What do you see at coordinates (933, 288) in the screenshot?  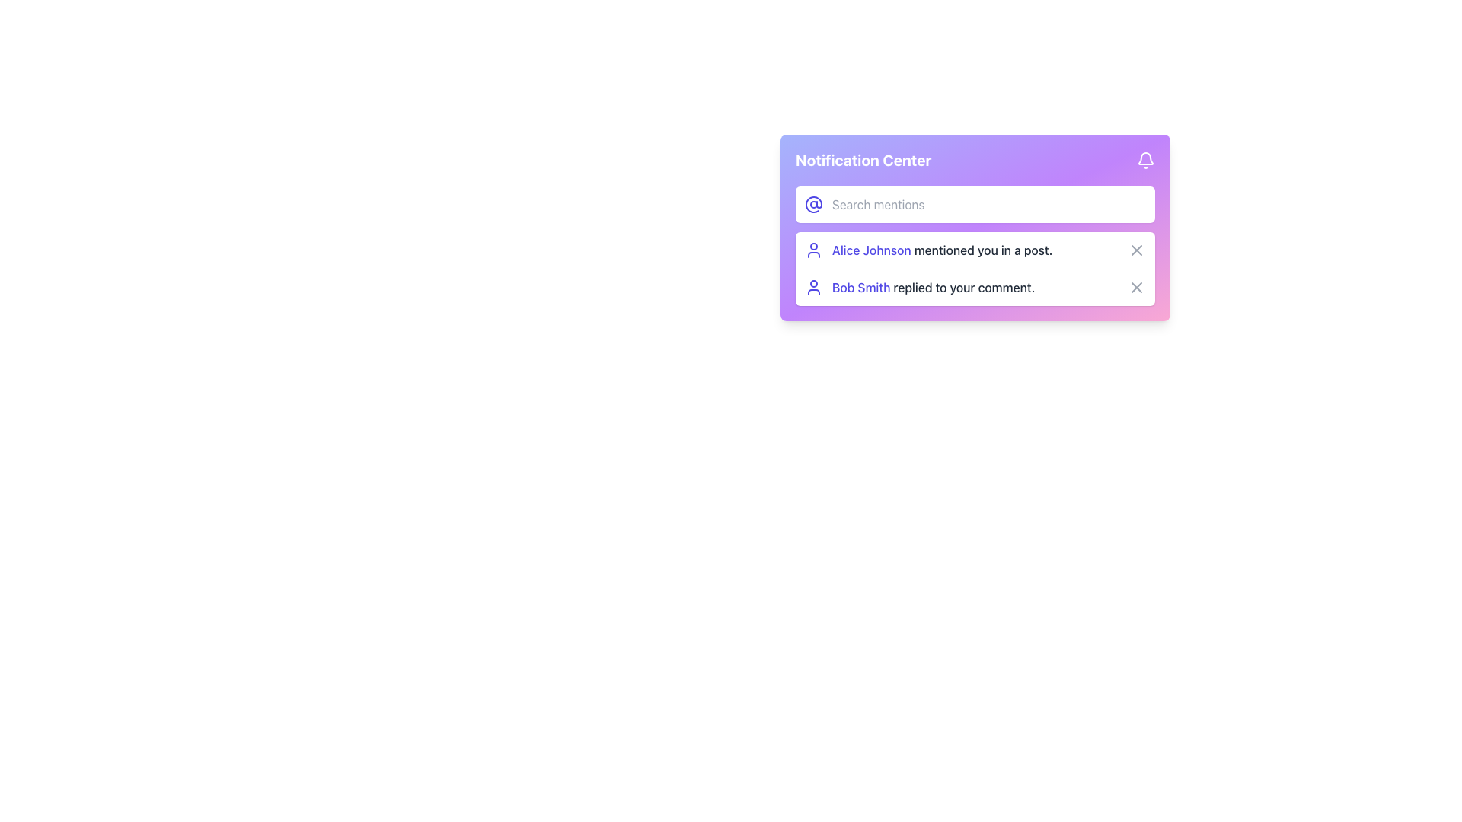 I see `the text label notifying the user that 'Bob Smith' has interacted with their comment, which is the second notification in the Notification Center popup` at bounding box center [933, 288].